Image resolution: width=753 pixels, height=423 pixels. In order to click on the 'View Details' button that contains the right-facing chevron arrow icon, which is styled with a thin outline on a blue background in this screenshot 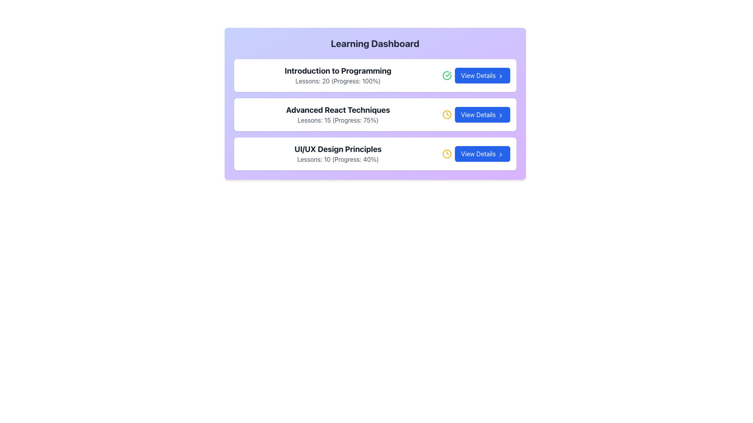, I will do `click(500, 154)`.